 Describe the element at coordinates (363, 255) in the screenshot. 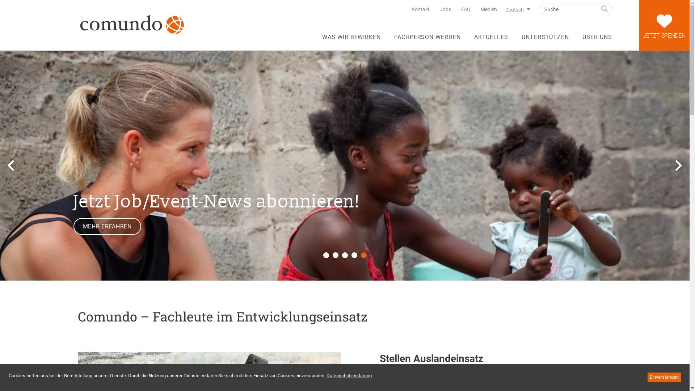

I see `'5'` at that location.